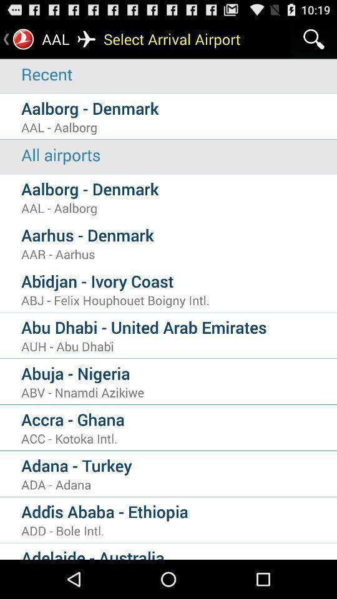  What do you see at coordinates (178, 438) in the screenshot?
I see `the acc - kotoka intl.` at bounding box center [178, 438].